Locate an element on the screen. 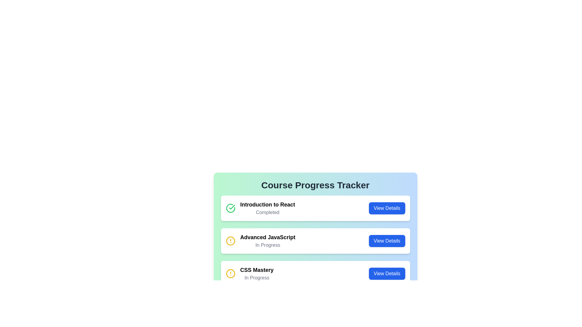  the 'CSS Mastery' Text Block that displays the course title and its status 'In Progress', located in the 'Course Progress Tracker' section, positioned to the right of the yellow circular alert icon and above the 'View Details' button is located at coordinates (257, 273).